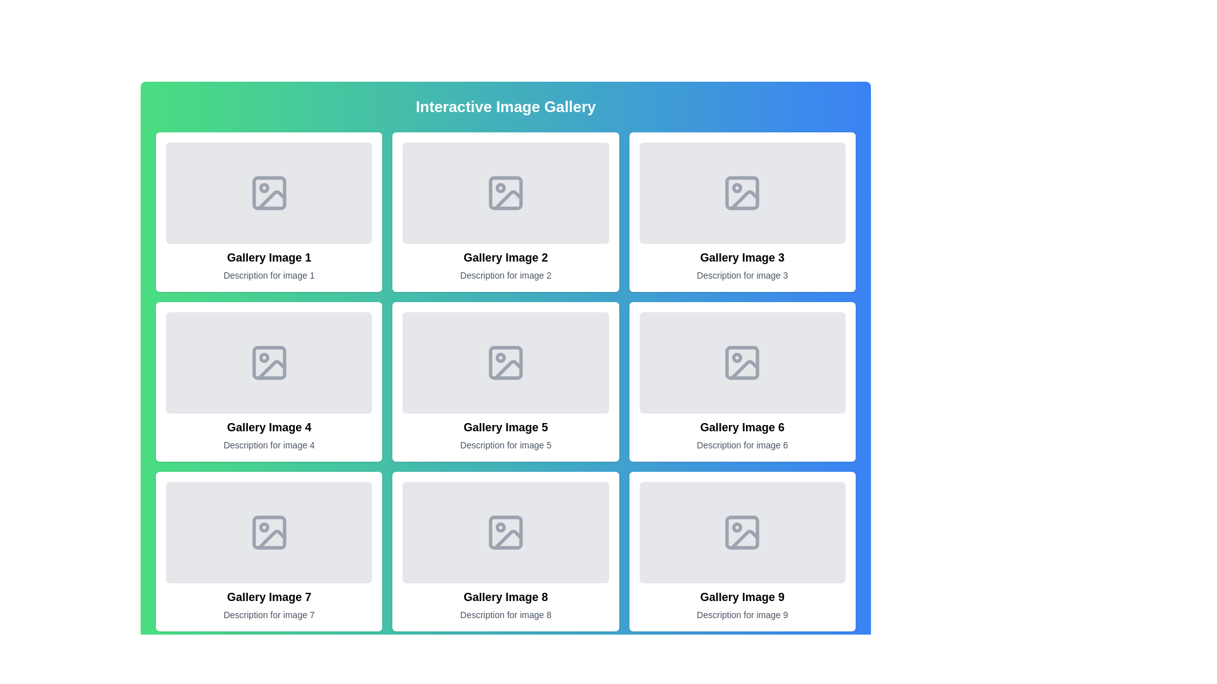 The height and width of the screenshot is (684, 1217). Describe the element at coordinates (505, 363) in the screenshot. I see `the image placeholder icon located in the fifth box of the image gallery, specifically in the second row and second column of the grid layout` at that location.